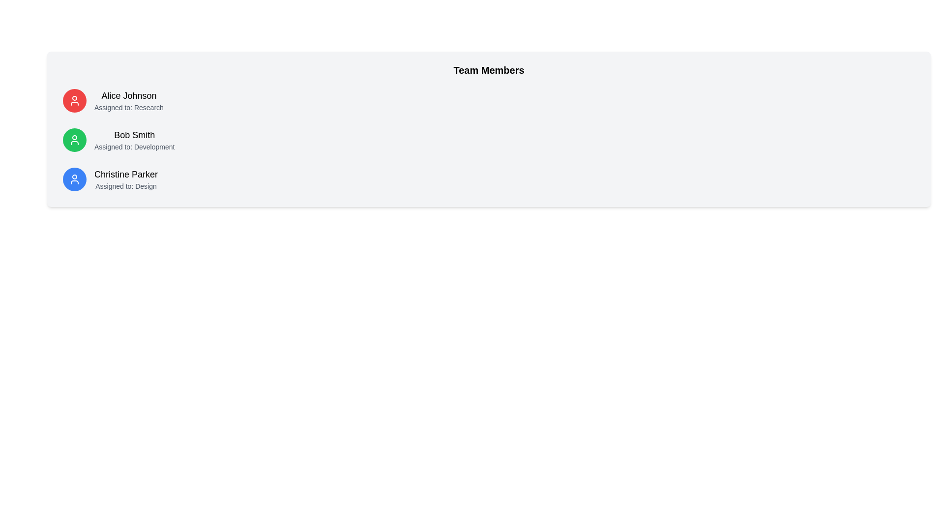 The image size is (944, 531). I want to click on the user icon representing Bob Smith, located in the middle of three list items for team members, so click(74, 140).